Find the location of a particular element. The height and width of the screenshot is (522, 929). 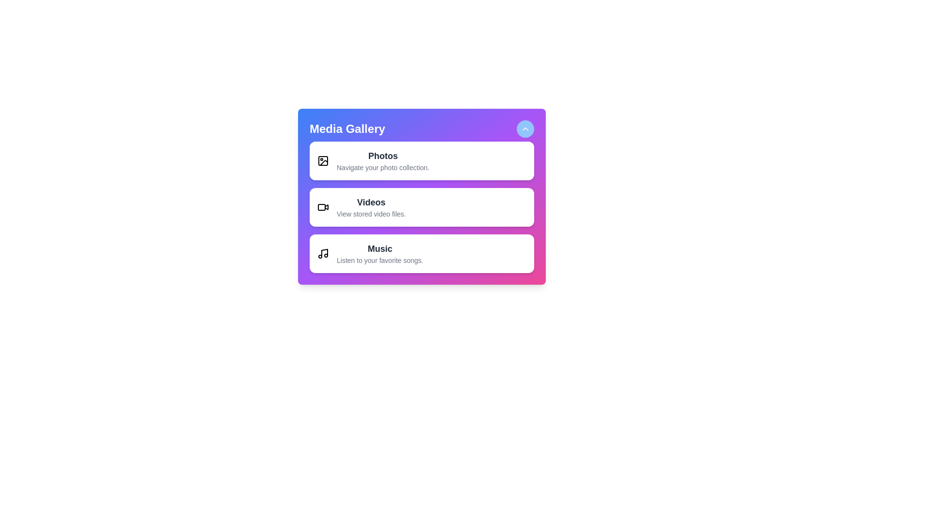

the toggle button to expand or collapse the menu is located at coordinates (524, 128).